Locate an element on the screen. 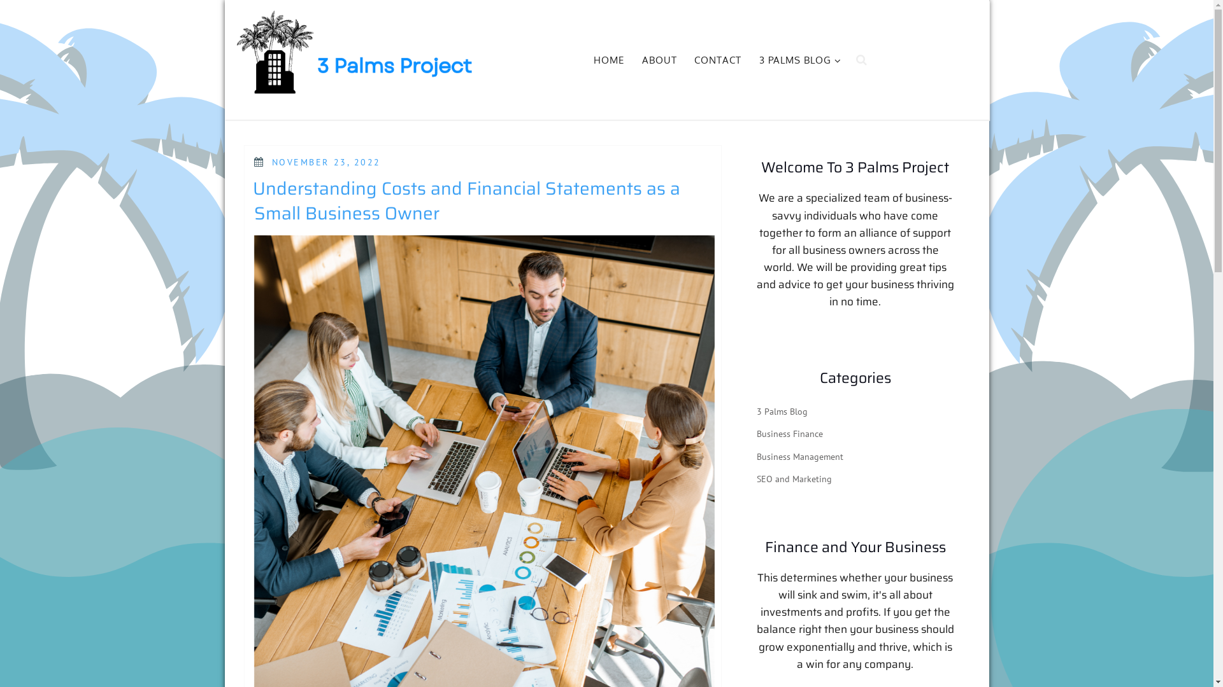 Image resolution: width=1223 pixels, height=687 pixels. '3 PALMS BLOG' is located at coordinates (797, 60).